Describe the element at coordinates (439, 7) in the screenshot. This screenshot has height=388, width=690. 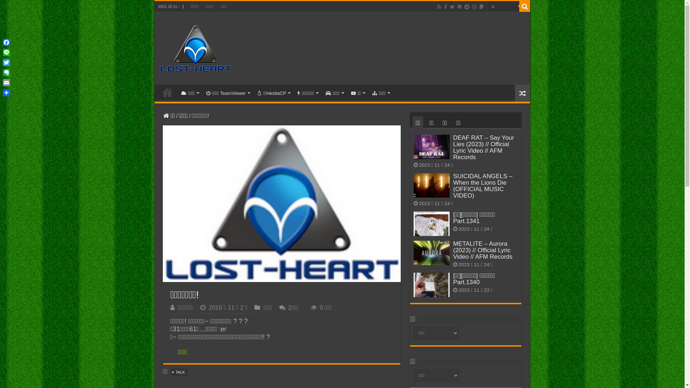
I see `'Rss'` at that location.